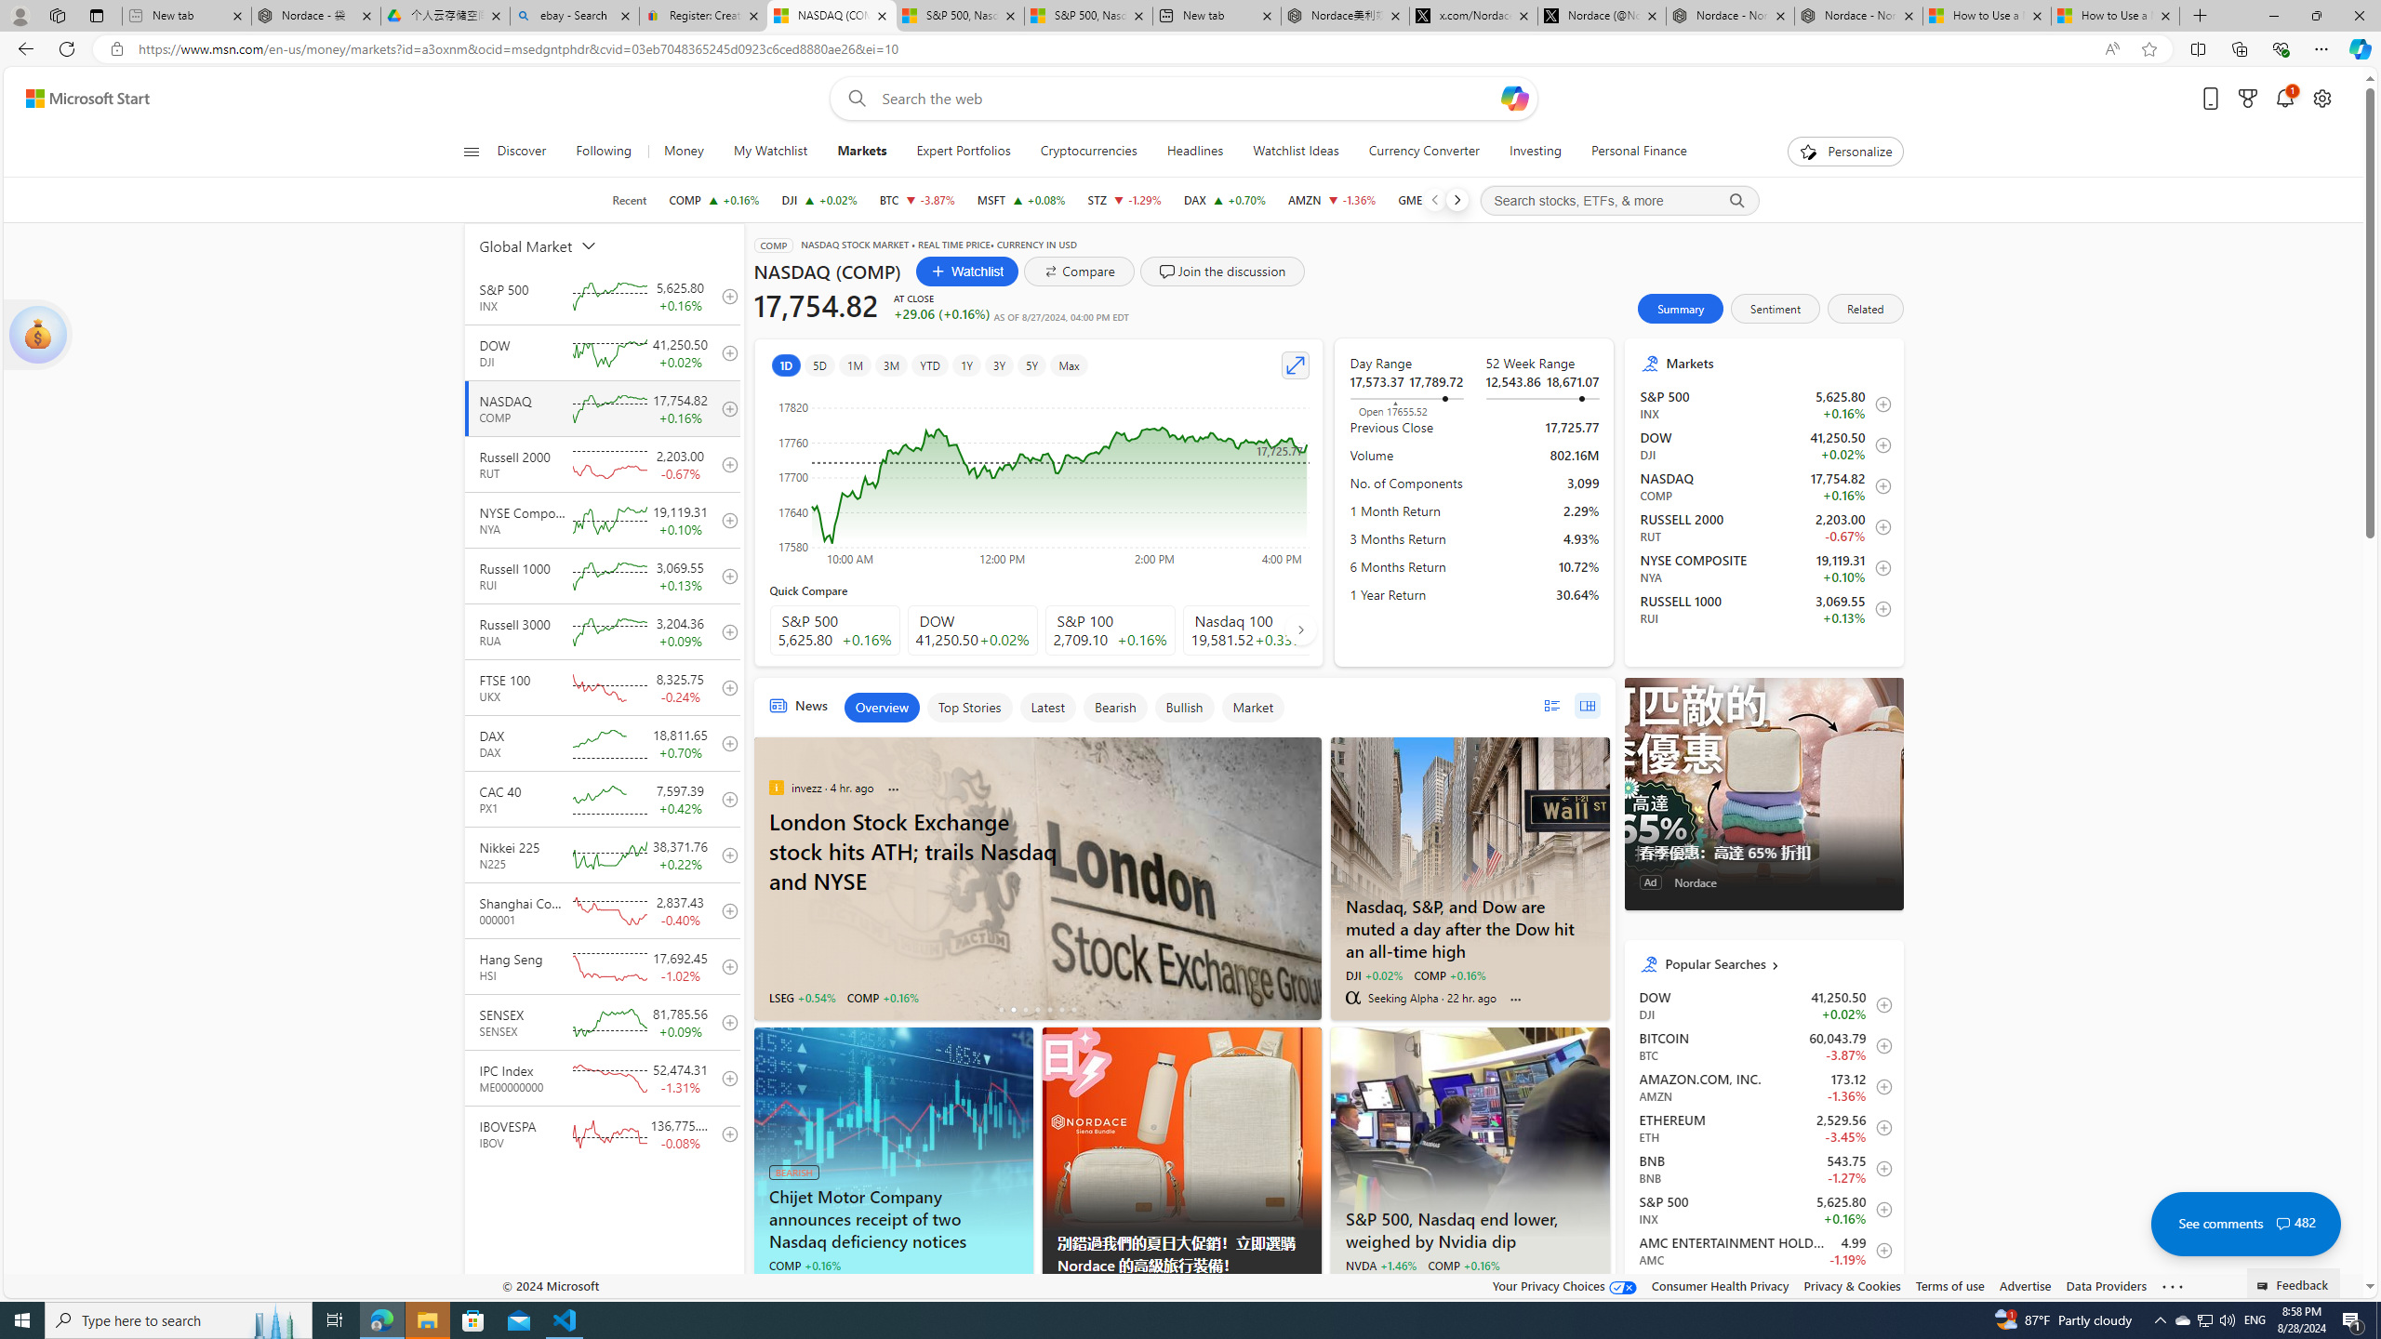  I want to click on 'ADA Cardano decrease 0.36 -0.00 -1.27% itemundefined', so click(1762, 1290).